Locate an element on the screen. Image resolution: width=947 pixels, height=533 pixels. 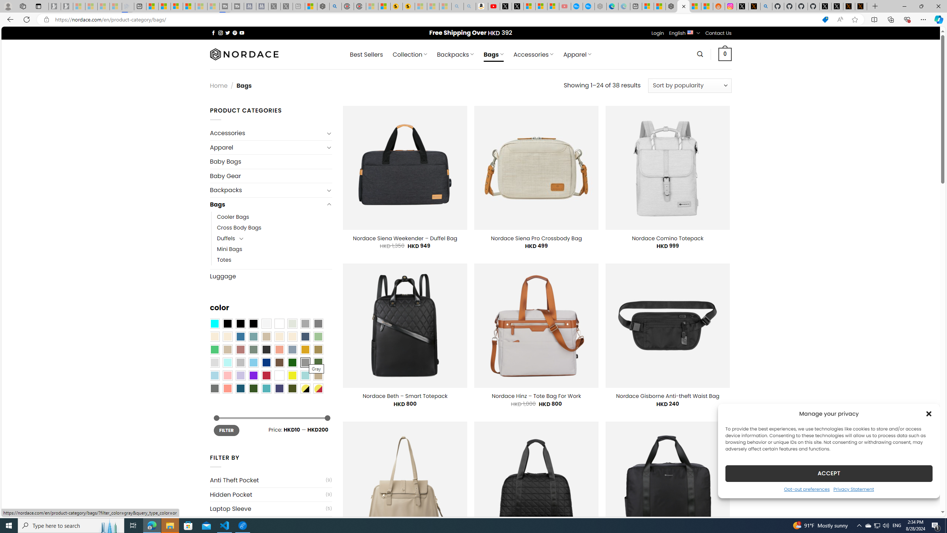
'Anti Theft Pocket(9)' is located at coordinates (270, 480).